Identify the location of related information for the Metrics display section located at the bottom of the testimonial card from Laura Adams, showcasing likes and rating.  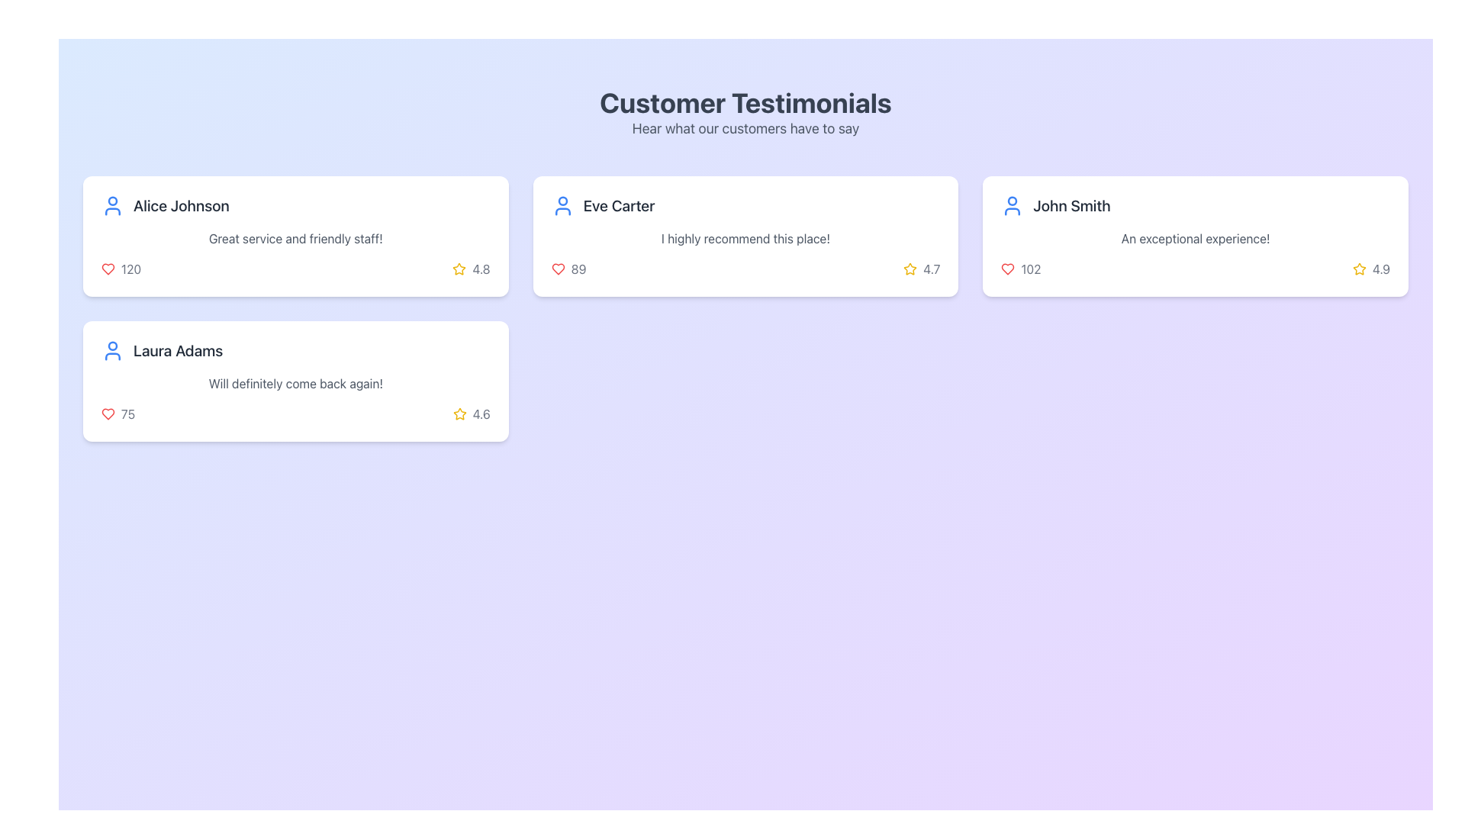
(295, 414).